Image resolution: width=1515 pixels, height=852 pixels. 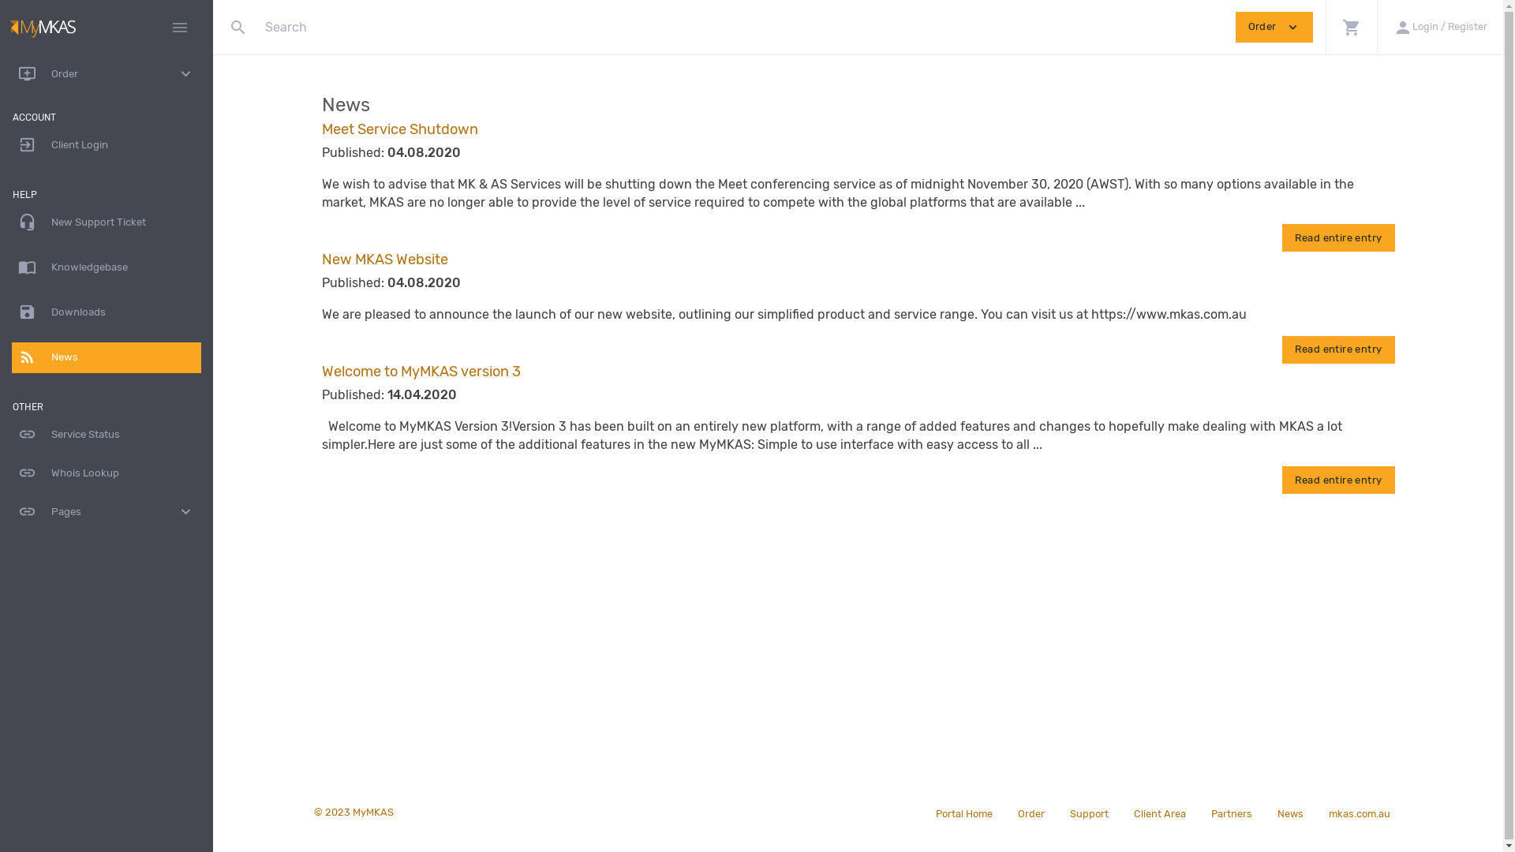 I want to click on 'rss_feed News', so click(x=105, y=357).